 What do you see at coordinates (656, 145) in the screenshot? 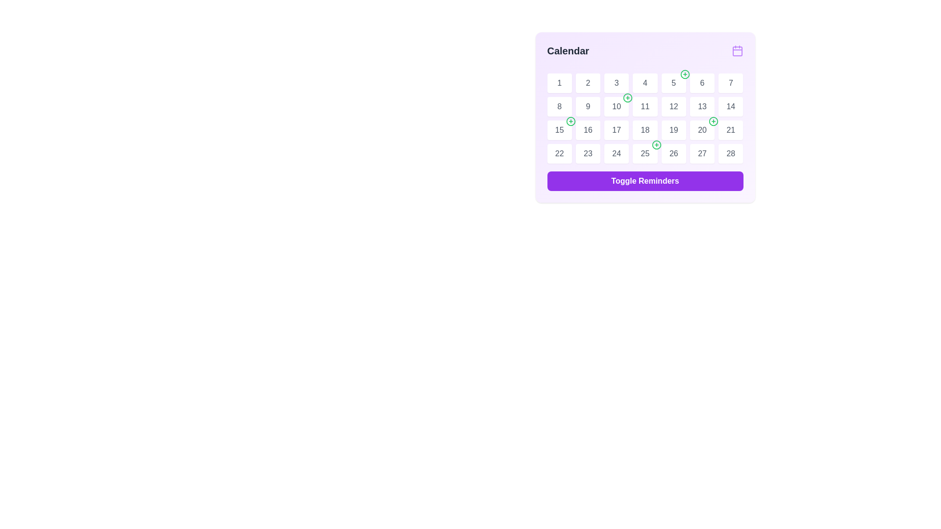
I see `the green circular icon button with a plus sign located at the top-right of the cell labeled '25' on the calendar interface` at bounding box center [656, 145].